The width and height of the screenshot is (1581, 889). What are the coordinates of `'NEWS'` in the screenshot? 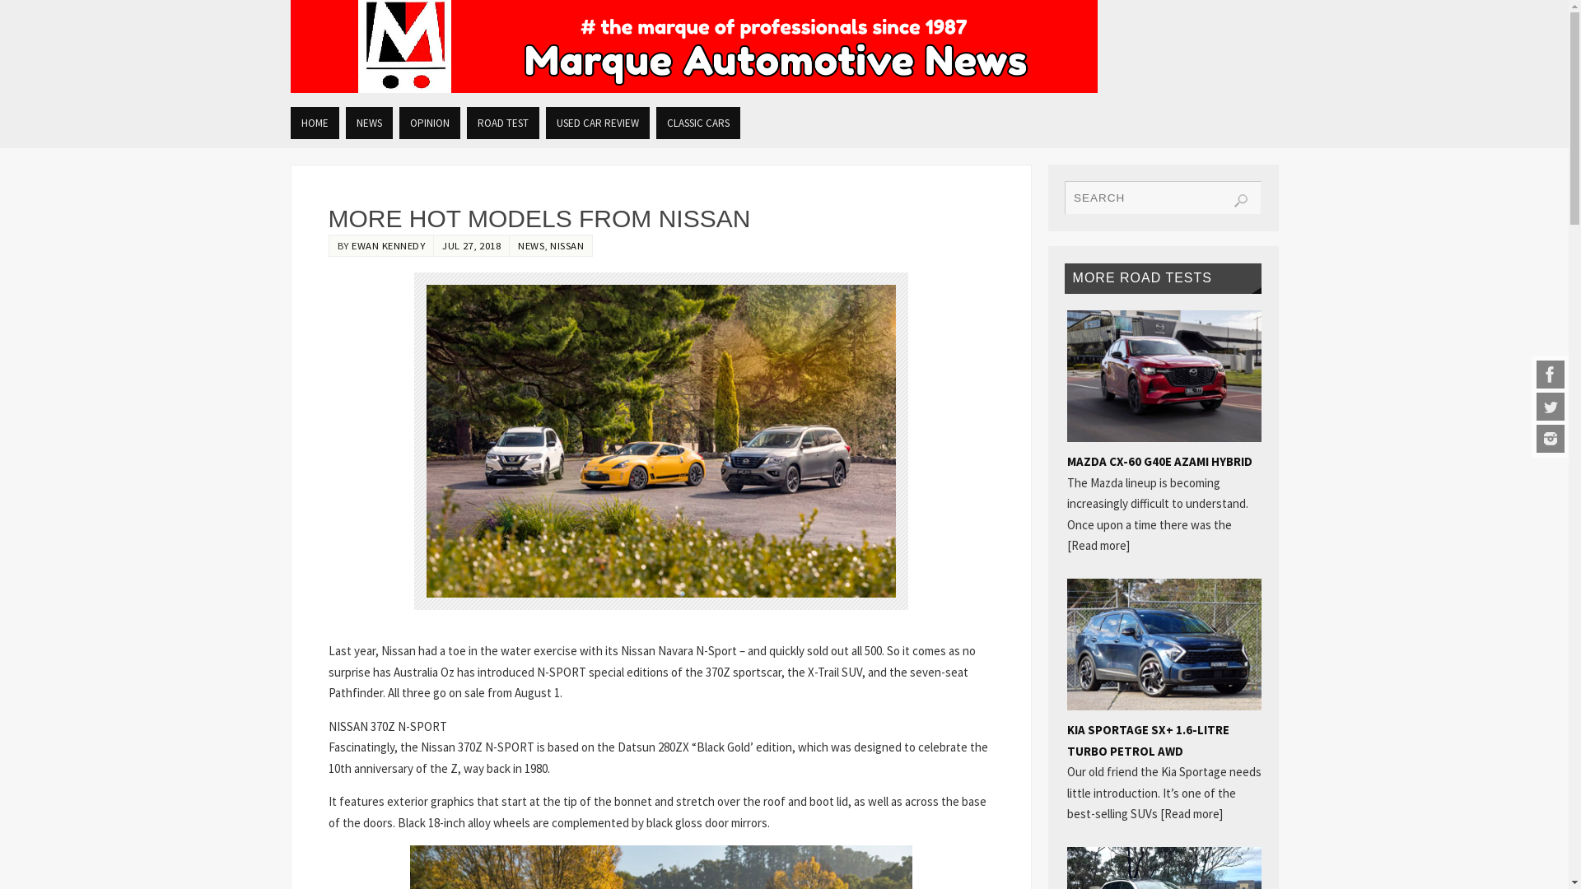 It's located at (530, 244).